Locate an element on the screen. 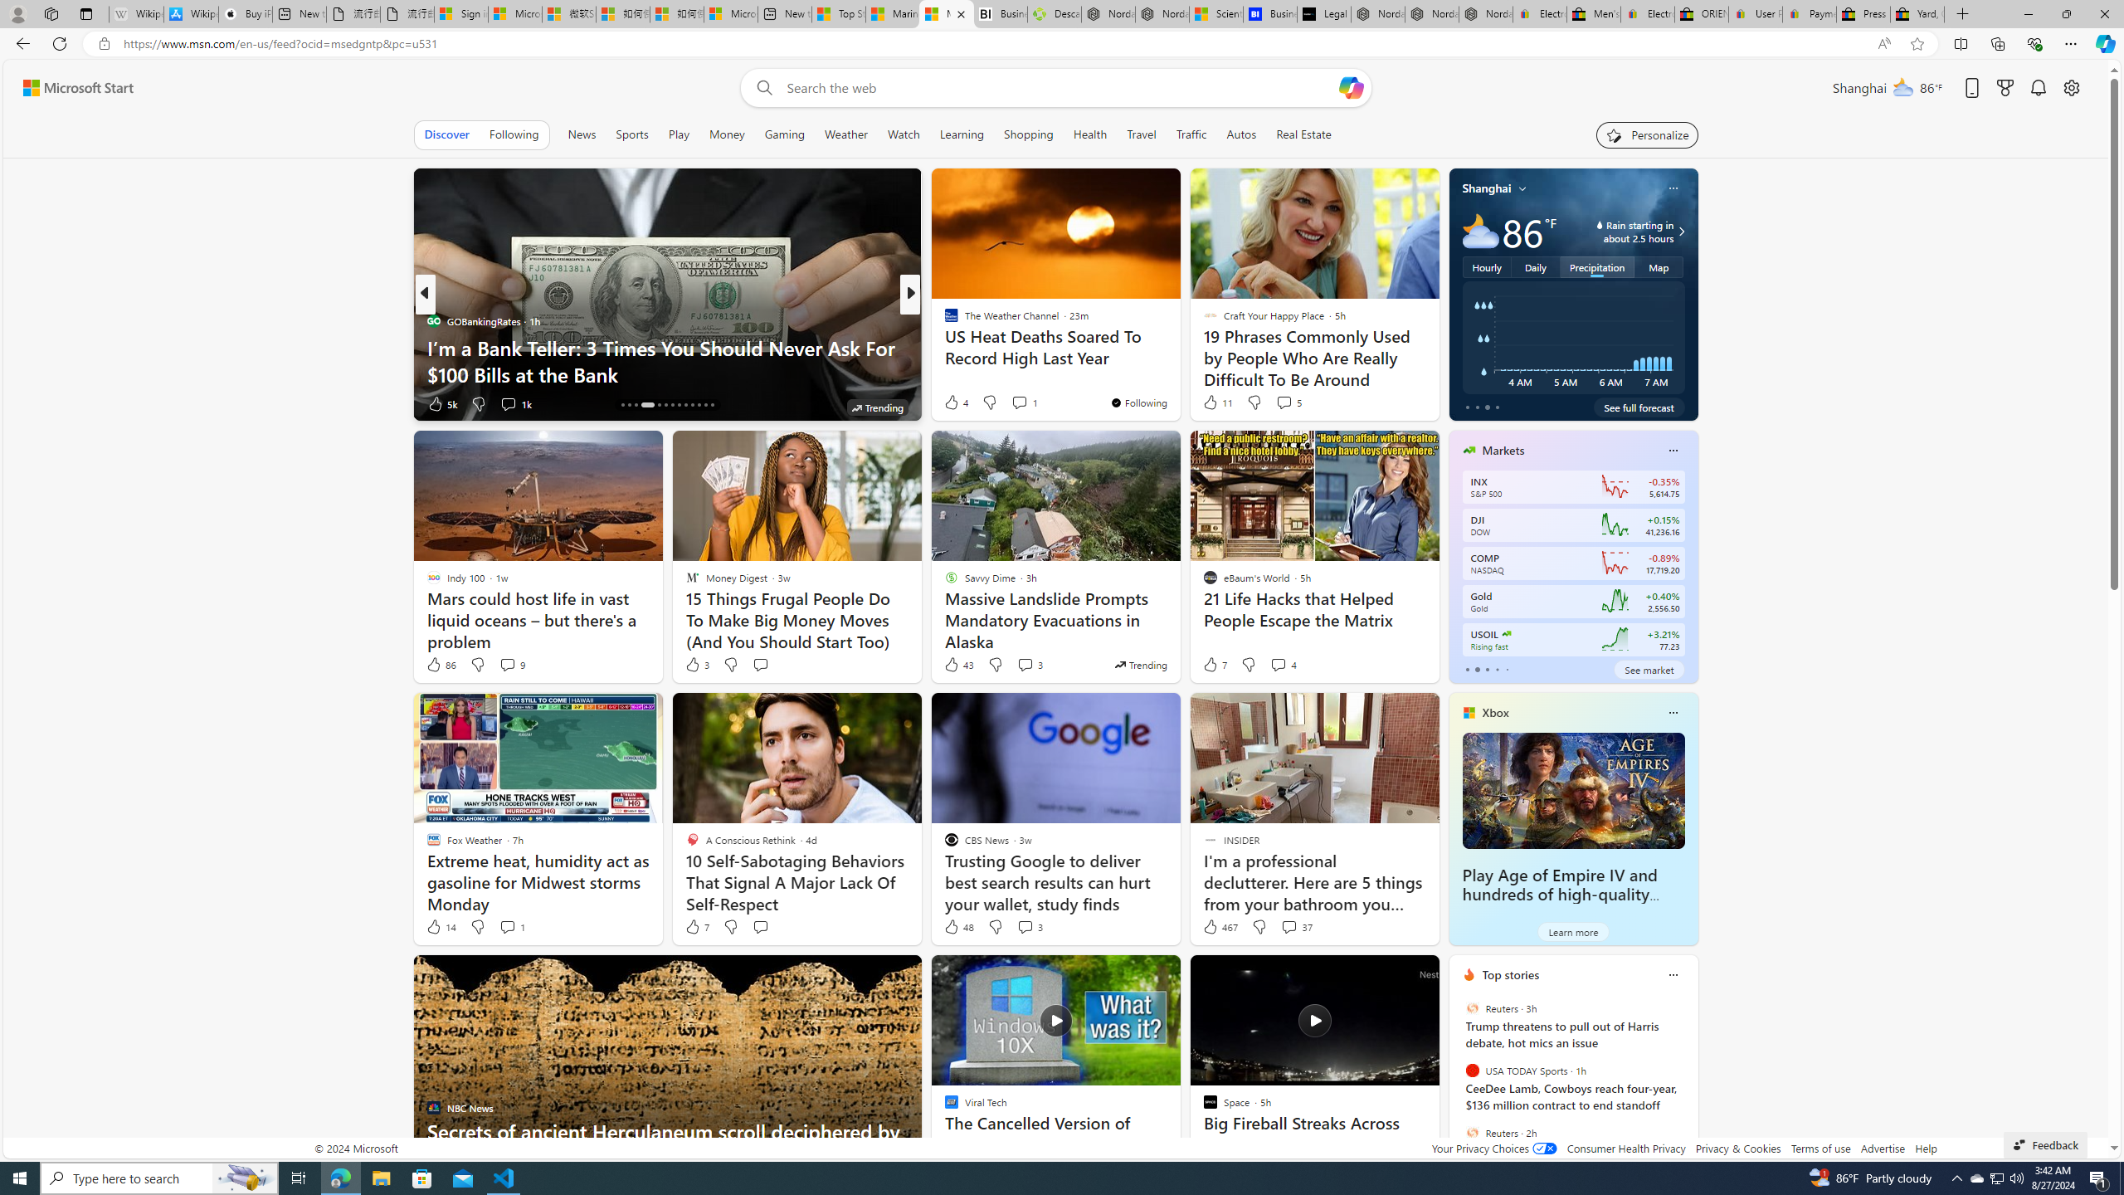 This screenshot has height=1195, width=2124. '13 Like' is located at coordinates (952, 403).